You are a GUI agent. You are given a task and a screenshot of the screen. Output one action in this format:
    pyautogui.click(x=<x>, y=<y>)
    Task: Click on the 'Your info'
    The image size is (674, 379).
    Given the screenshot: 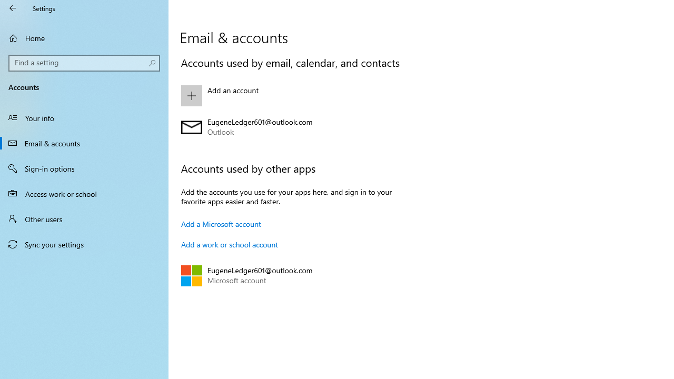 What is the action you would take?
    pyautogui.click(x=84, y=117)
    